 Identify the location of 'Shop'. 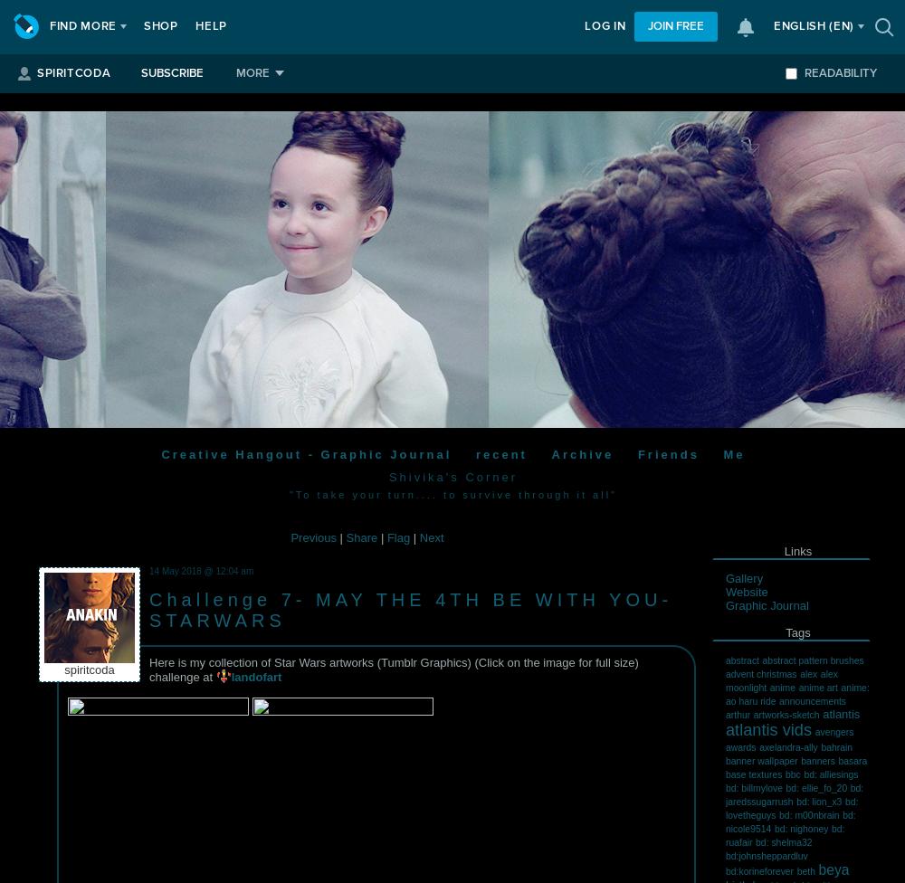
(160, 26).